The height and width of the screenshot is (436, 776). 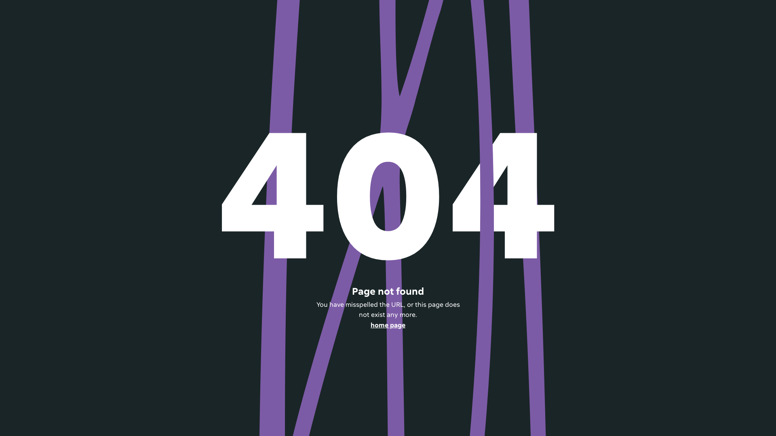 What do you see at coordinates (387, 325) in the screenshot?
I see `'home page'` at bounding box center [387, 325].